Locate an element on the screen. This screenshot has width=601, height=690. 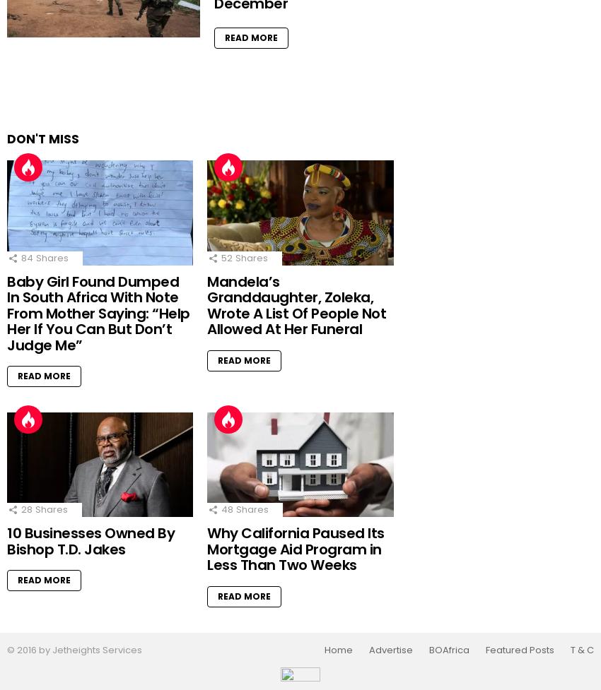
'Don't Miss' is located at coordinates (43, 137).